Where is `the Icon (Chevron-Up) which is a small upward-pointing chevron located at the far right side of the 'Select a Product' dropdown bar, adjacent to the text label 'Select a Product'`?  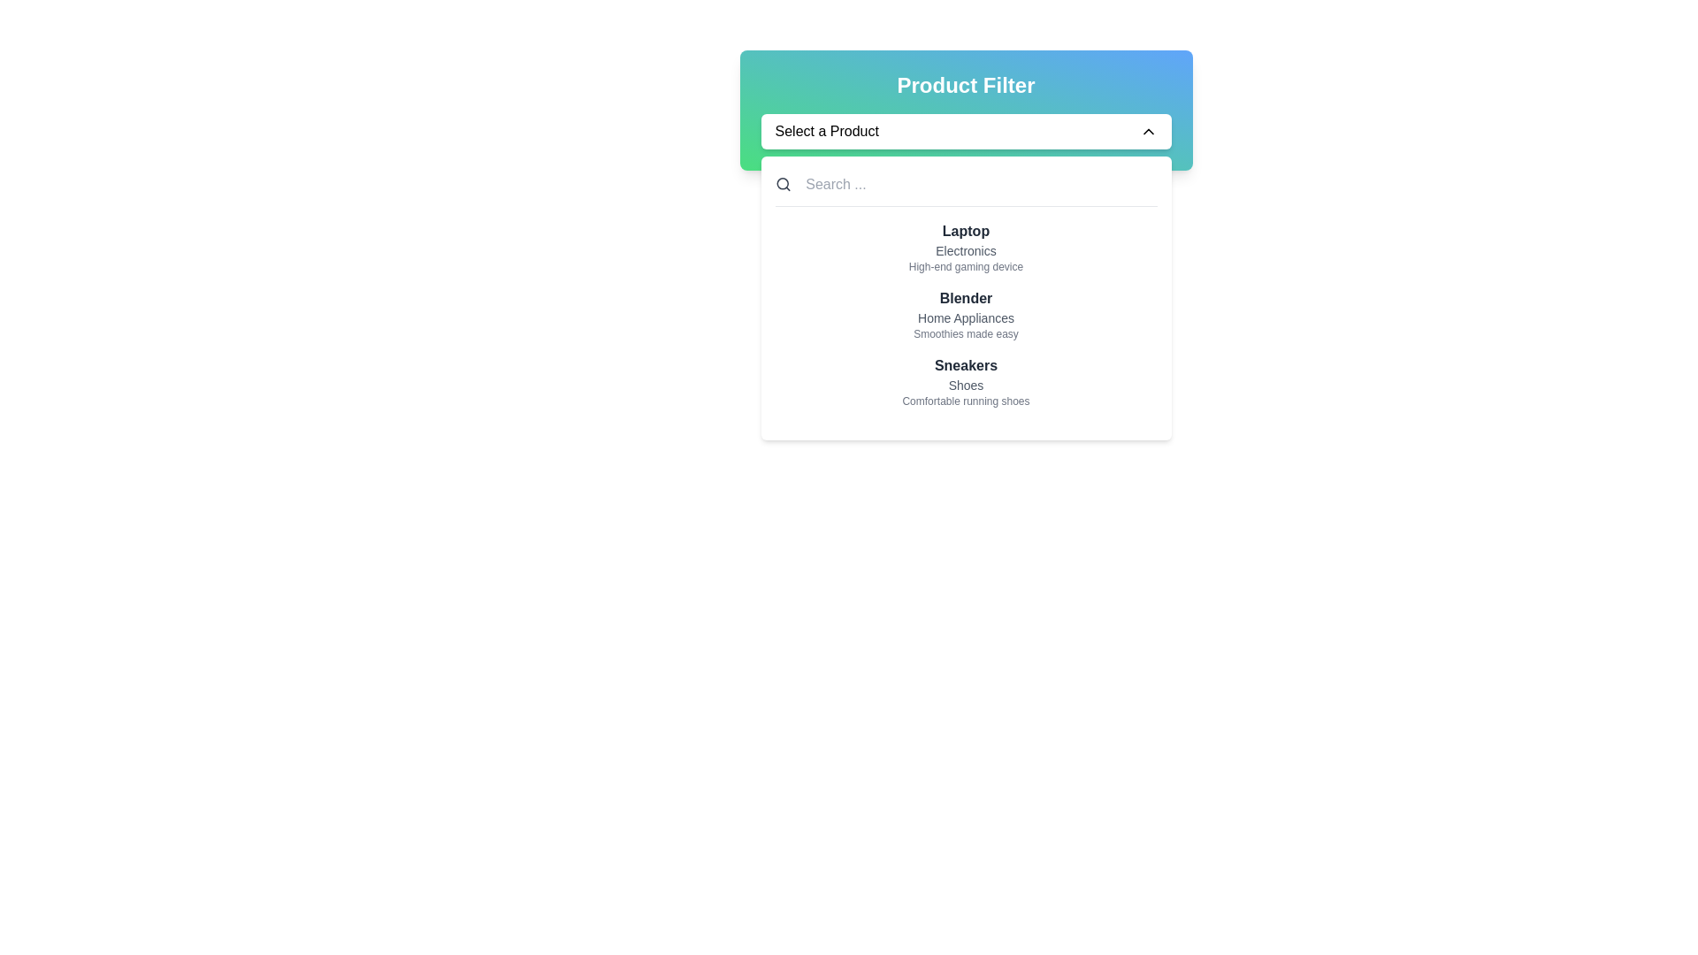
the Icon (Chevron-Up) which is a small upward-pointing chevron located at the far right side of the 'Select a Product' dropdown bar, adjacent to the text label 'Select a Product' is located at coordinates (1148, 131).